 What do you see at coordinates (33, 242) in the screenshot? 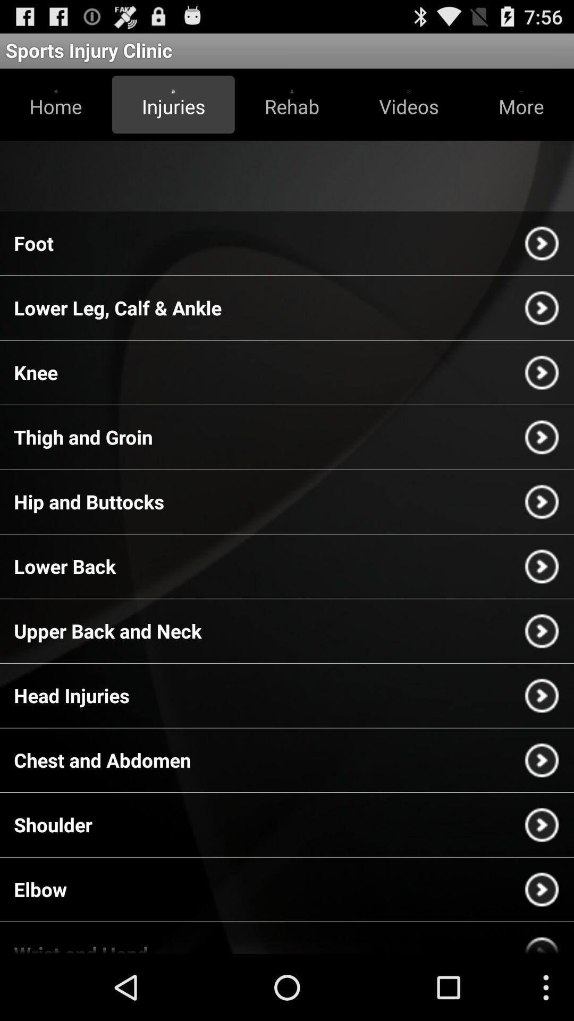
I see `the foot item` at bounding box center [33, 242].